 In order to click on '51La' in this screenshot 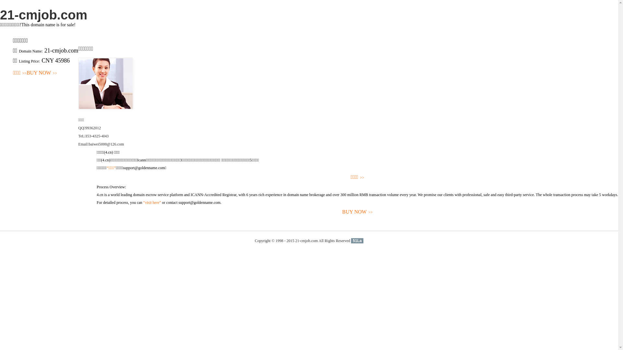, I will do `click(357, 241)`.